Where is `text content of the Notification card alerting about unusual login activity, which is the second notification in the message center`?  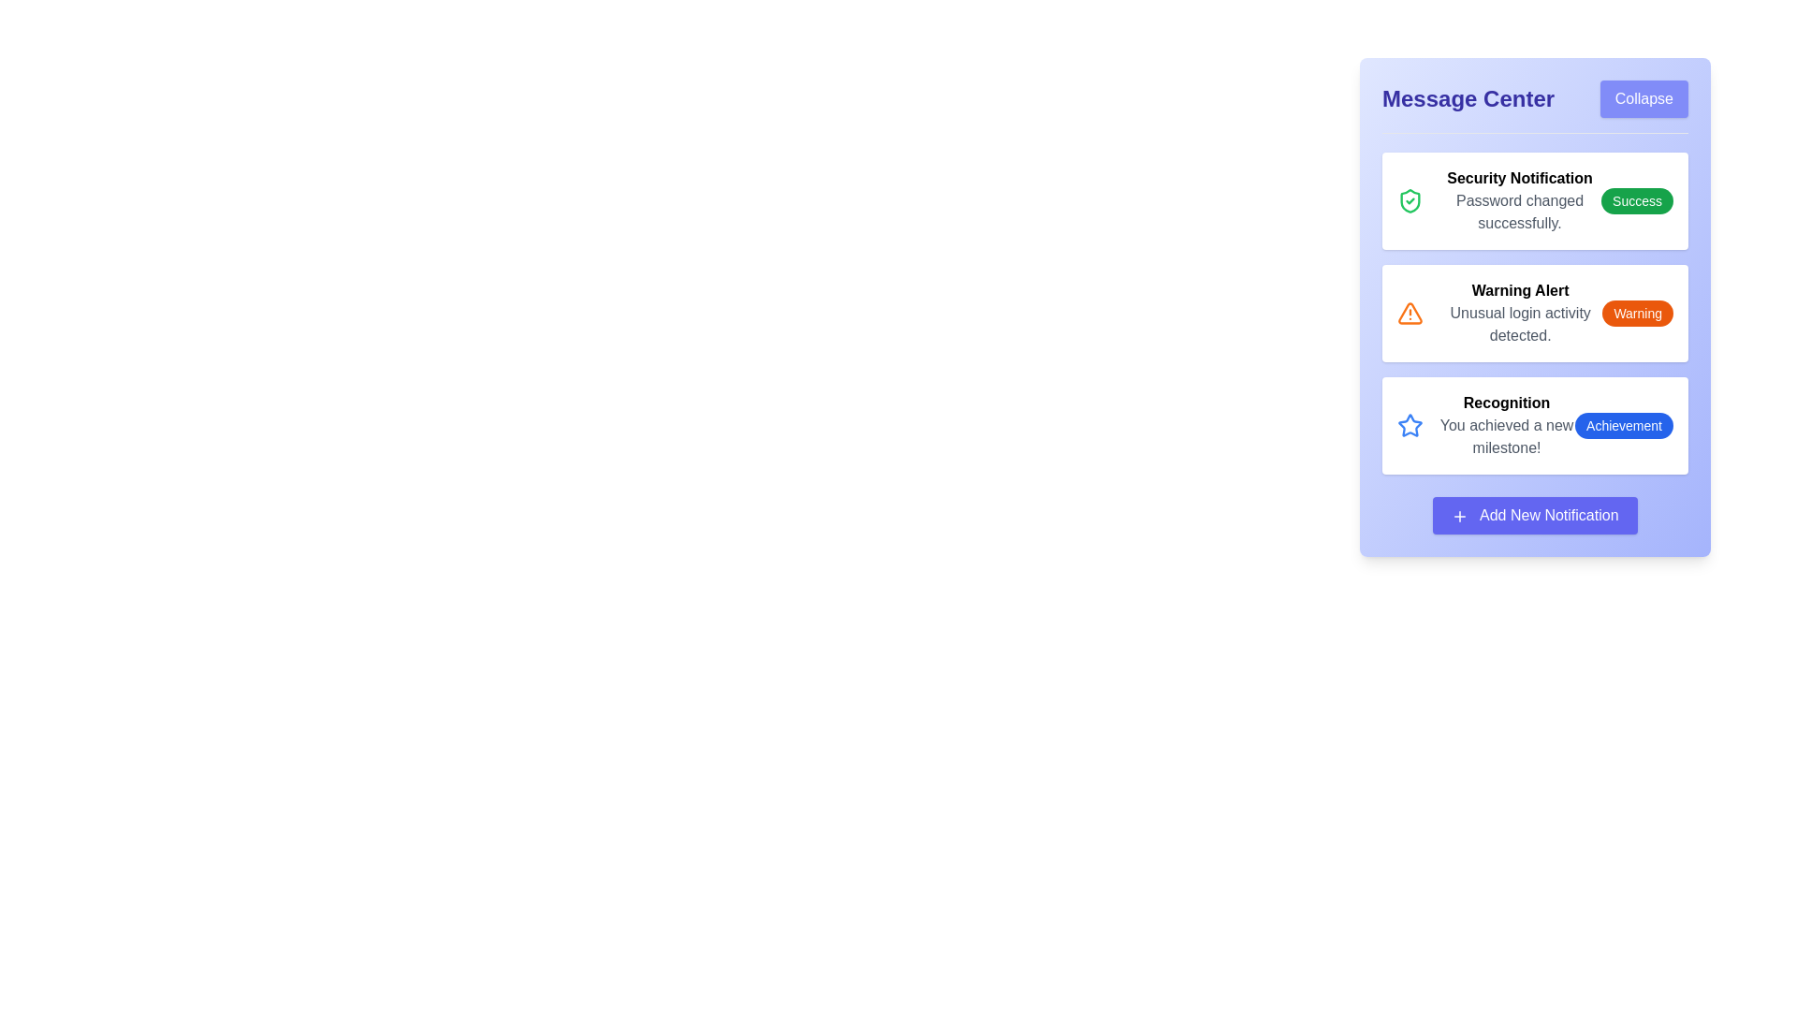 text content of the Notification card alerting about unusual login activity, which is the second notification in the message center is located at coordinates (1535, 313).